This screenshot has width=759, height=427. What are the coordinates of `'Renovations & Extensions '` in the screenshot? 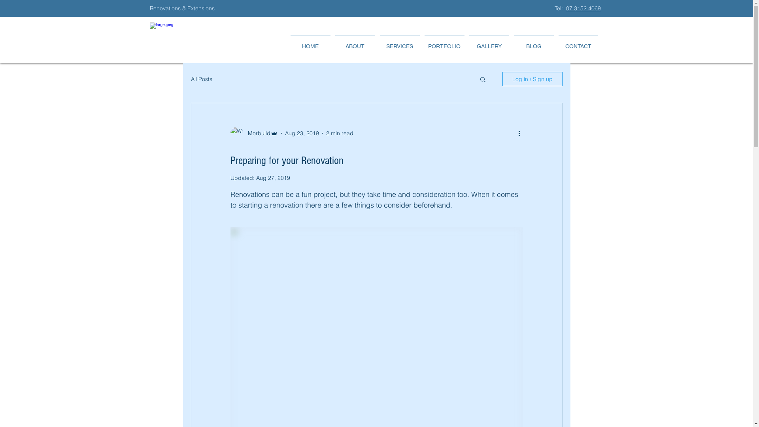 It's located at (182, 8).